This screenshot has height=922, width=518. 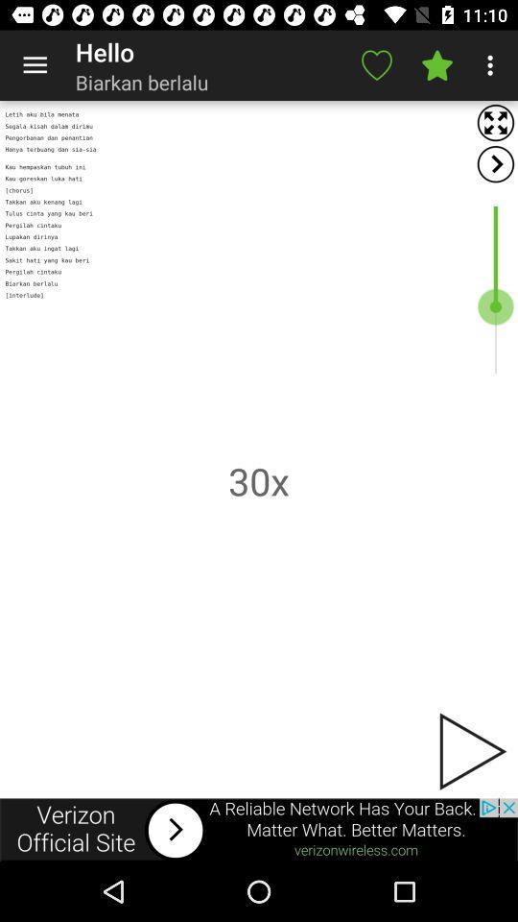 I want to click on next, so click(x=470, y=751).